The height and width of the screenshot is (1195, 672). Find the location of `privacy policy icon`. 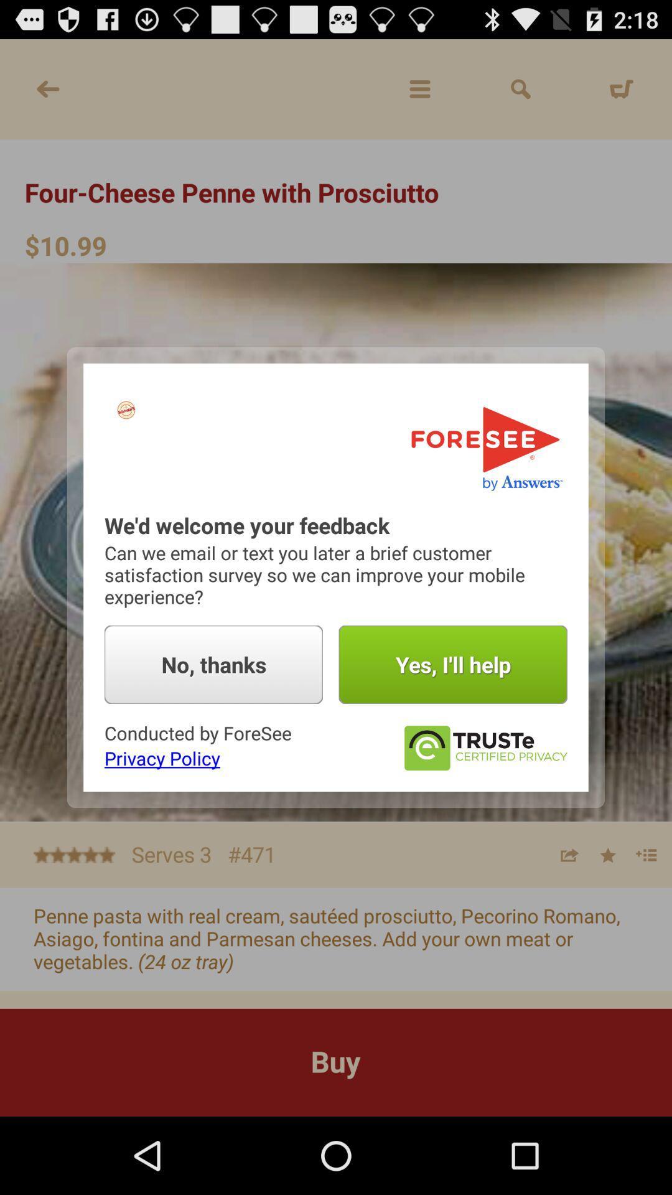

privacy policy icon is located at coordinates (162, 757).